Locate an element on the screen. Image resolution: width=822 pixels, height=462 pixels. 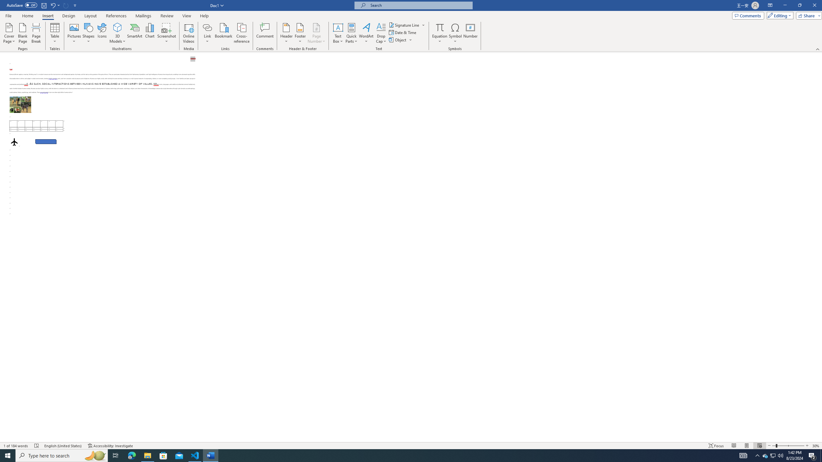
'Signature Line' is located at coordinates (404, 25).